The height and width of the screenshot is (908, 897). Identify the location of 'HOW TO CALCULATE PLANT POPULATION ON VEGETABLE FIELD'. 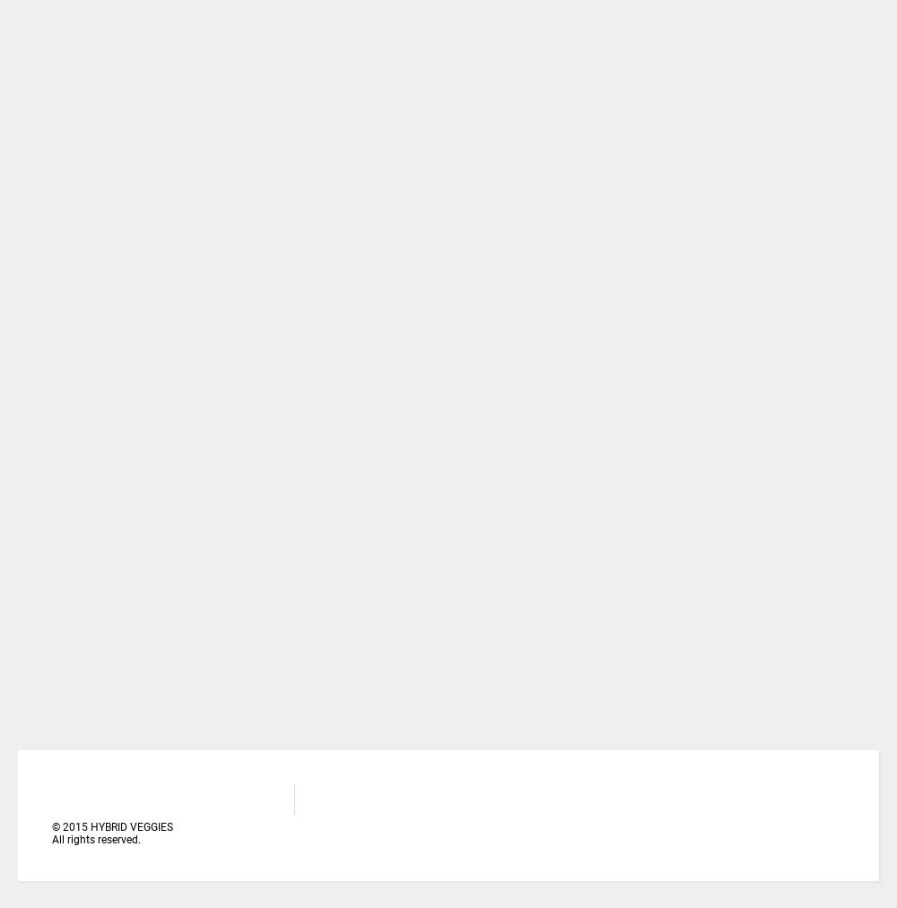
(230, 63).